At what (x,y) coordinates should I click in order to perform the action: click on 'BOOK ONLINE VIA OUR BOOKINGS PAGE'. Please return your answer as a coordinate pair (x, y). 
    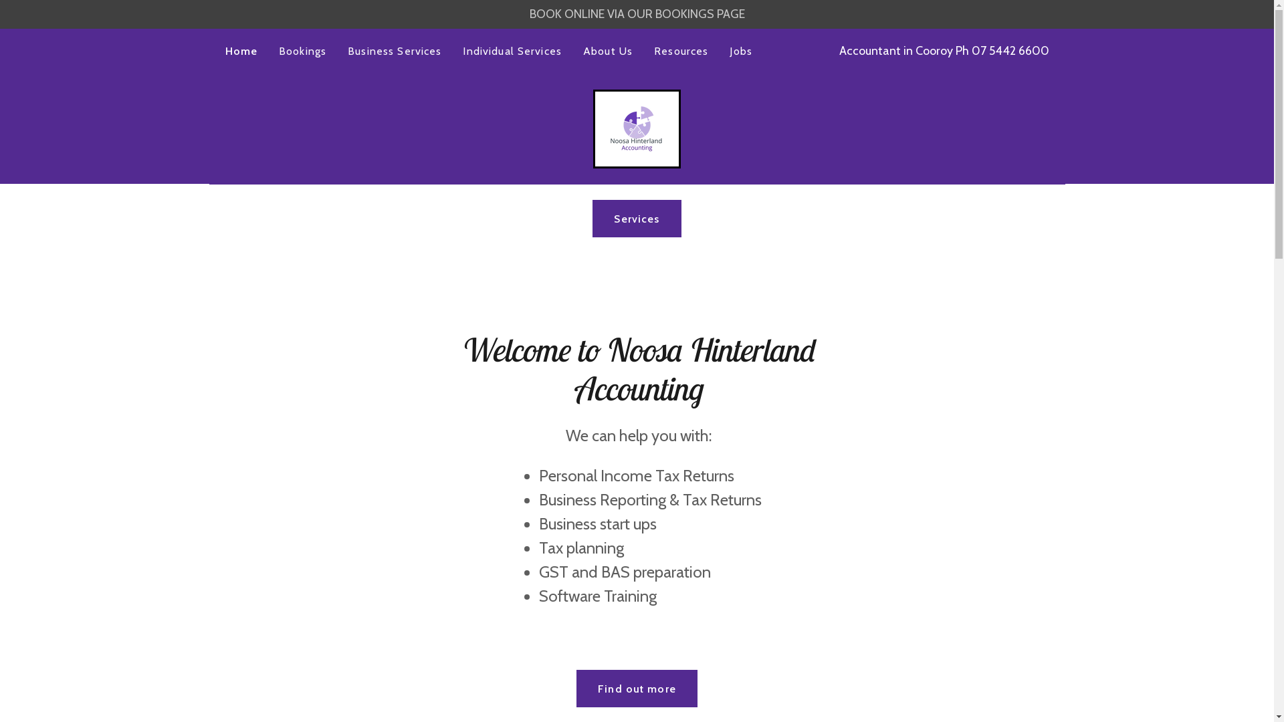
    Looking at the image, I should click on (636, 14).